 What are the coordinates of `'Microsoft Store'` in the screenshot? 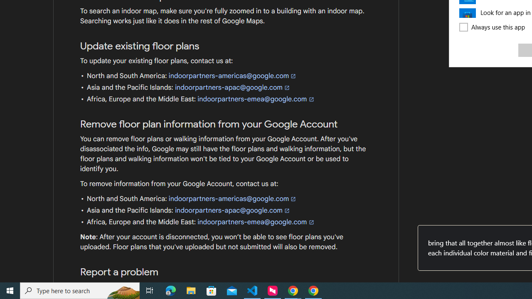 It's located at (212, 290).